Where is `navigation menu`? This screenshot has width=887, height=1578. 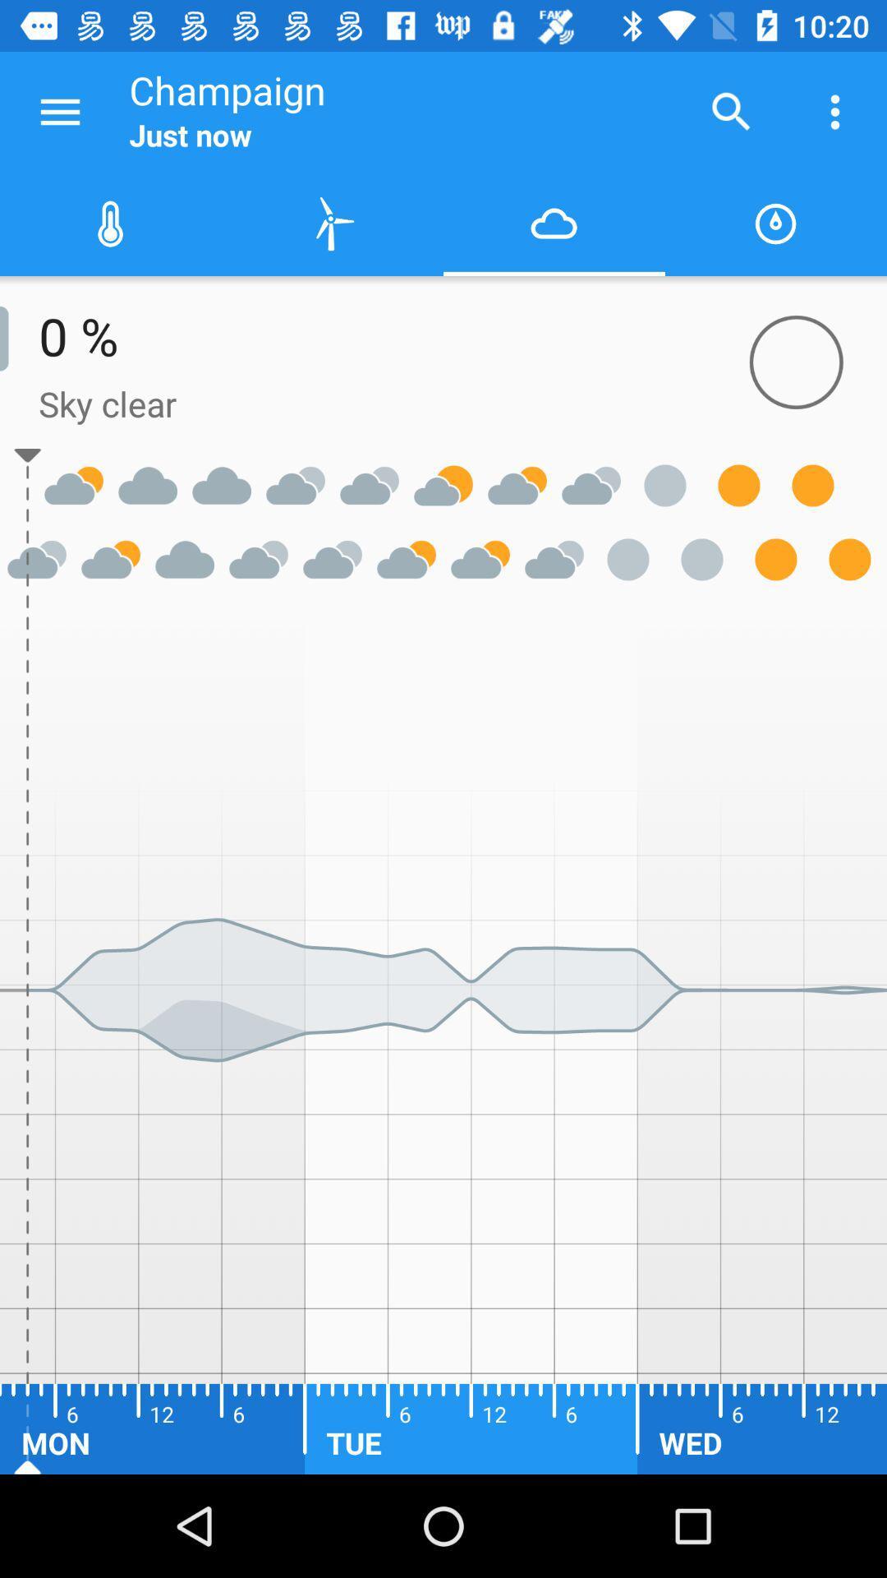 navigation menu is located at coordinates (59, 111).